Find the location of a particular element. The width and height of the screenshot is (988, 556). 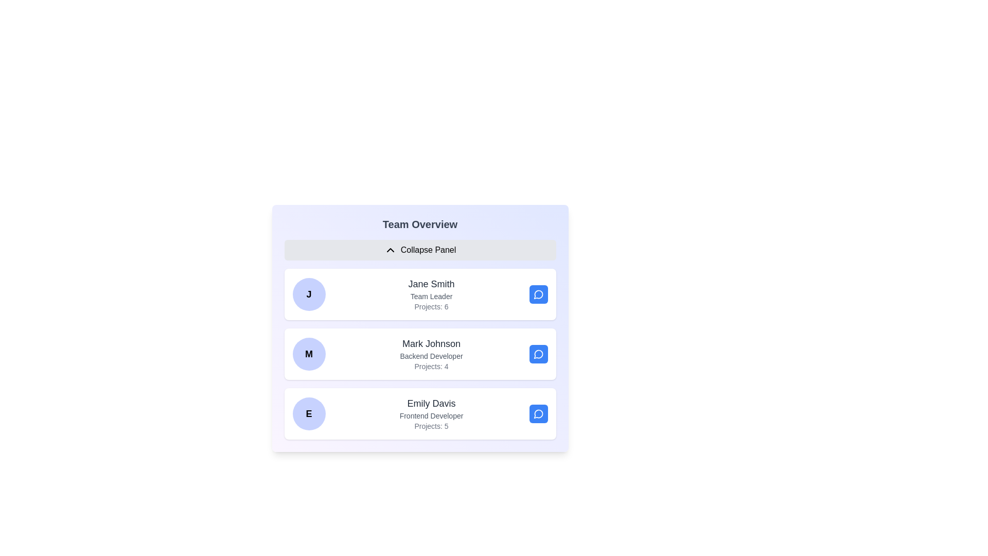

textual information displayed in the Text Display Section, which shows the name, job position, and project count of the individual, located in the second row of a vertical list between an avatar and a blue button is located at coordinates (431, 353).